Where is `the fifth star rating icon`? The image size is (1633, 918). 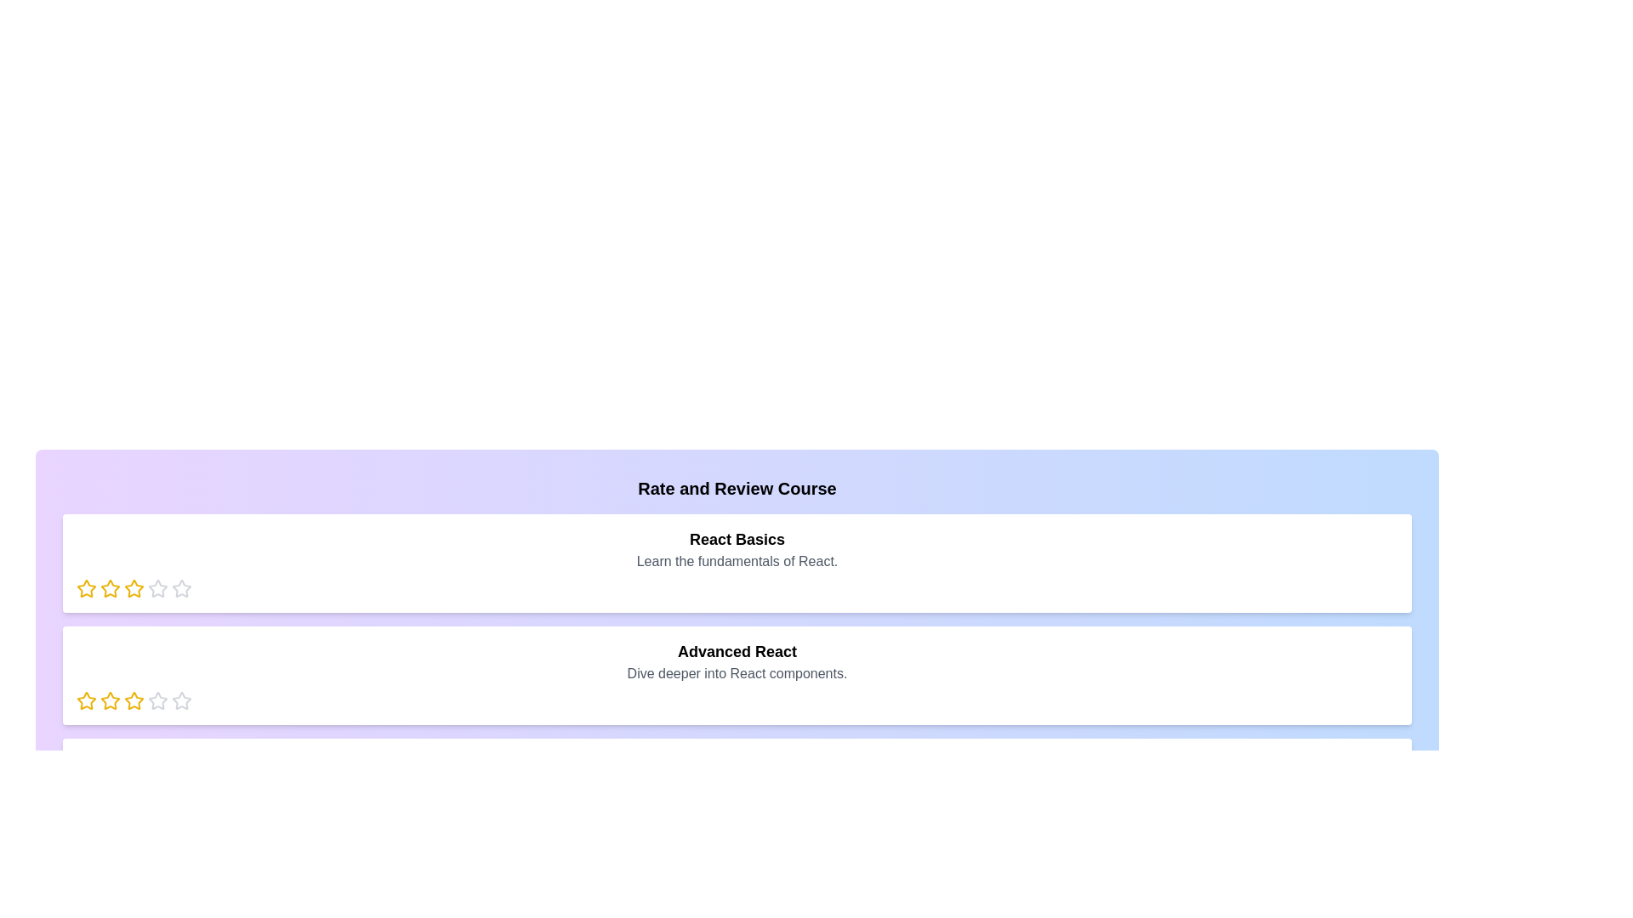
the fifth star rating icon is located at coordinates (158, 588).